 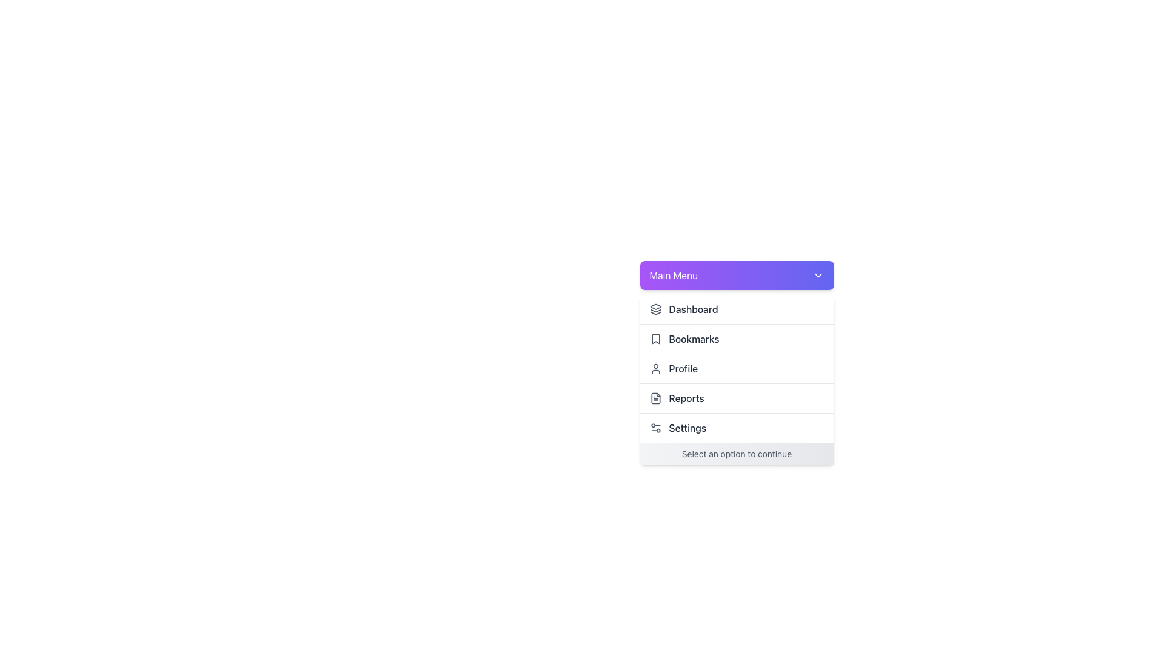 What do you see at coordinates (655, 398) in the screenshot?
I see `the 'Reports' menu item icon located in the fourth position under the 'Main Menu'` at bounding box center [655, 398].